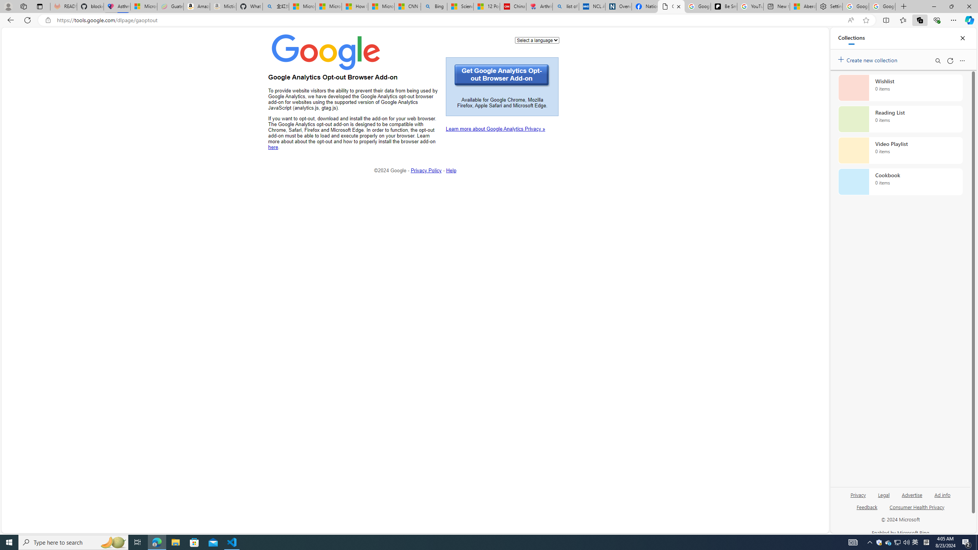 The width and height of the screenshot is (978, 550). What do you see at coordinates (883, 497) in the screenshot?
I see `'Legal'` at bounding box center [883, 497].